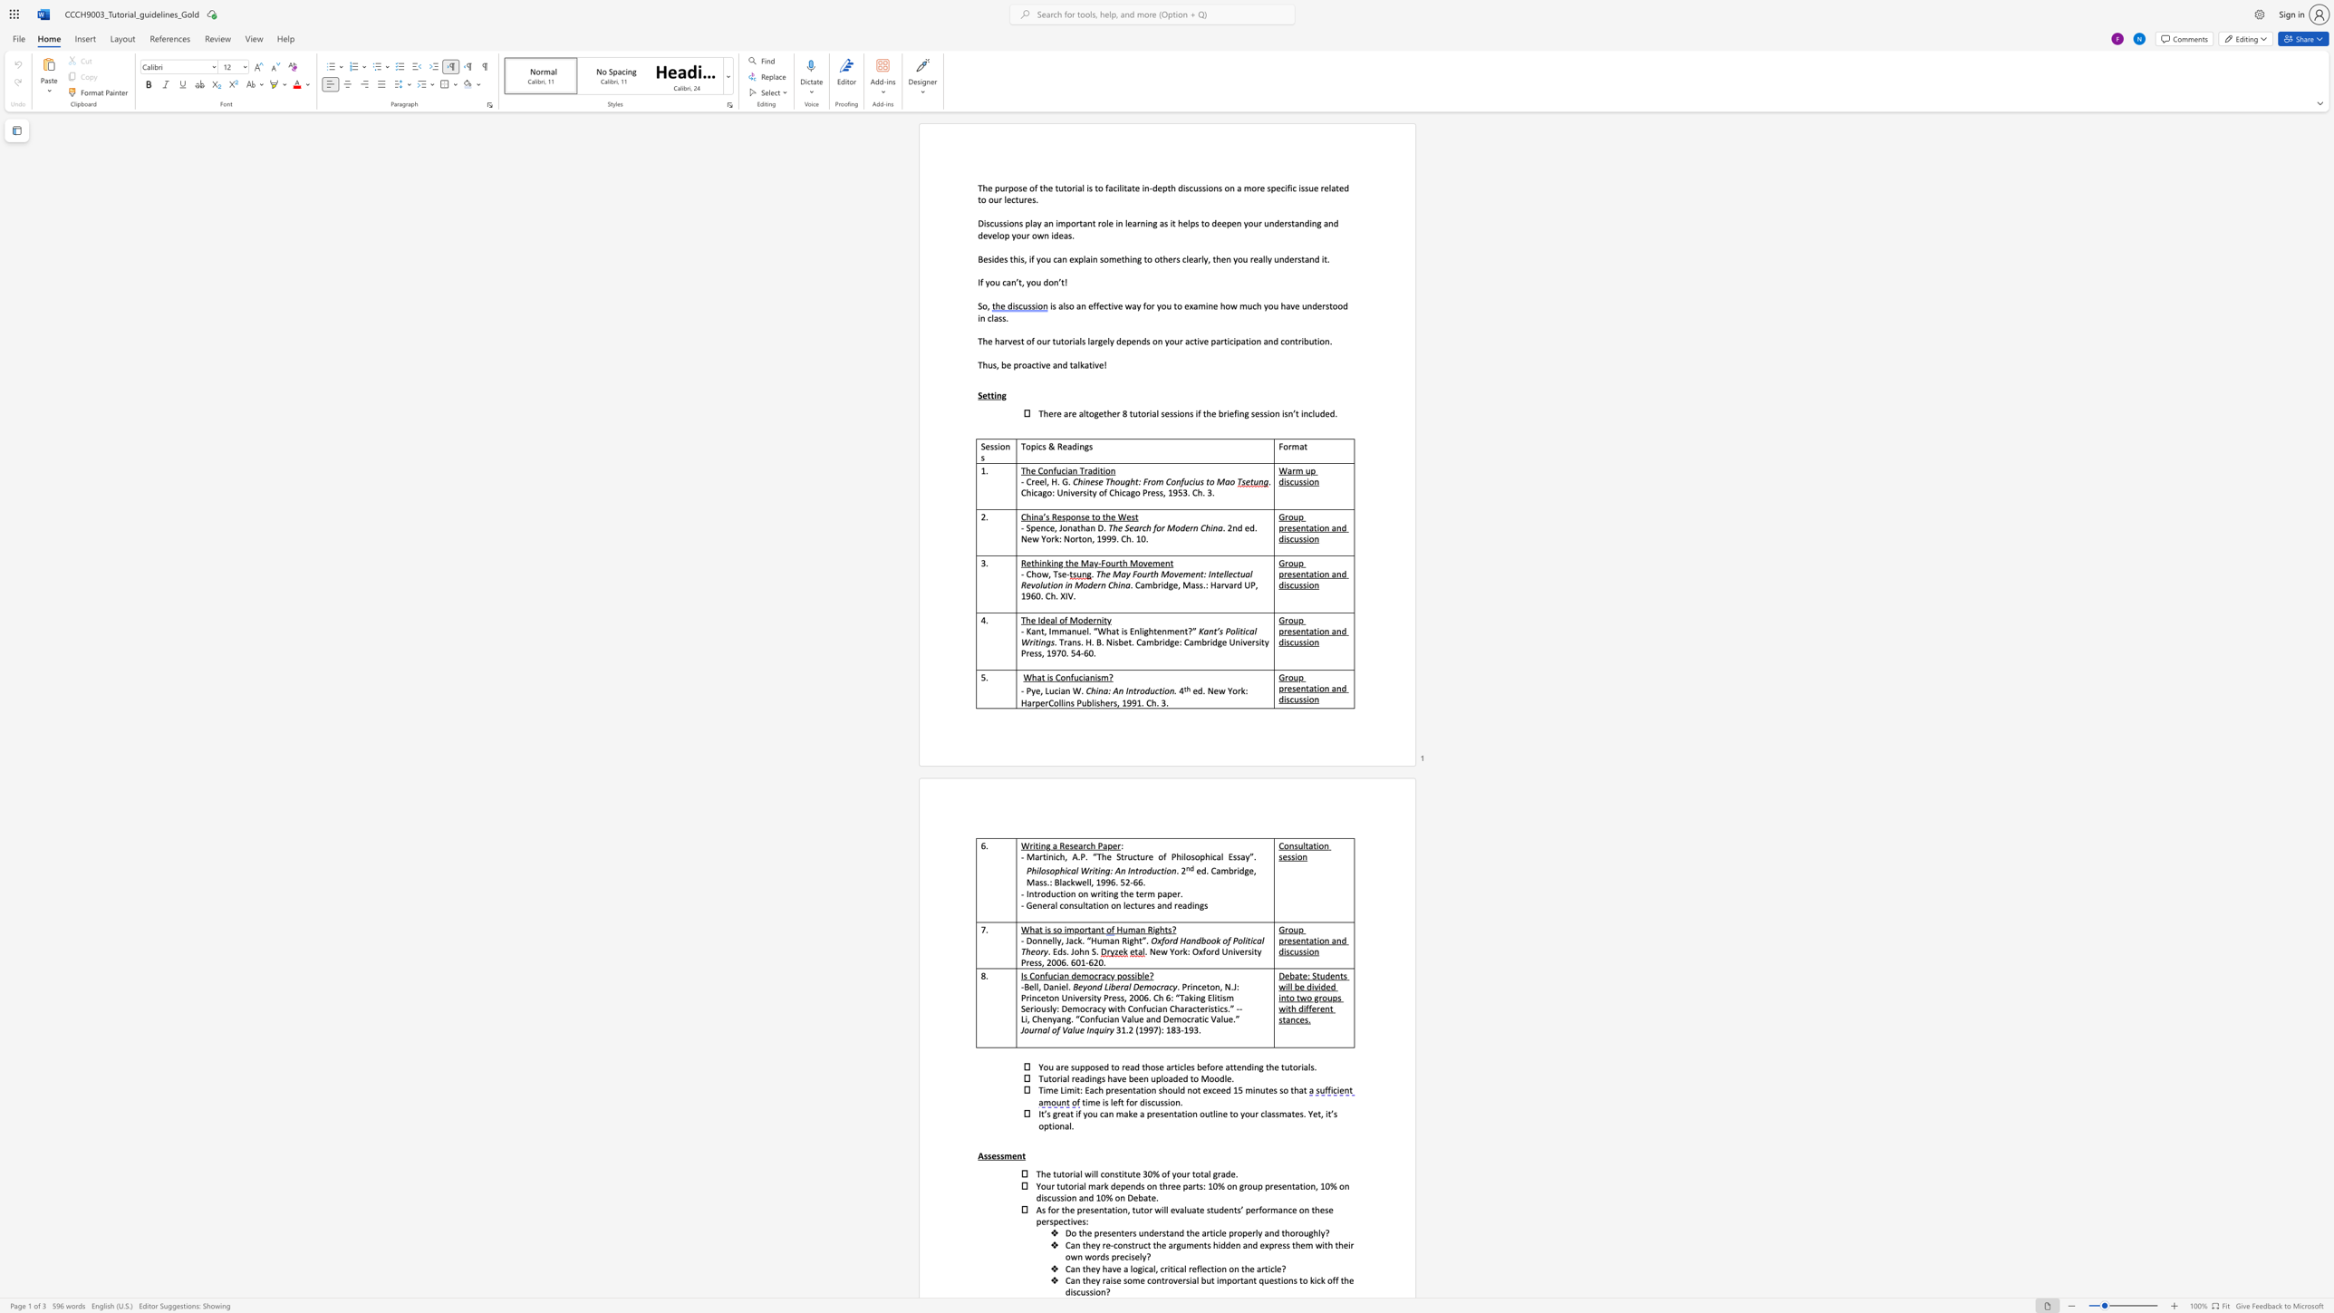 Image resolution: width=2334 pixels, height=1313 pixels. Describe the element at coordinates (1073, 563) in the screenshot. I see `the subset text "e May-Fourth Movem" within the text "Rethinking the May-Fourth Movement"` at that location.